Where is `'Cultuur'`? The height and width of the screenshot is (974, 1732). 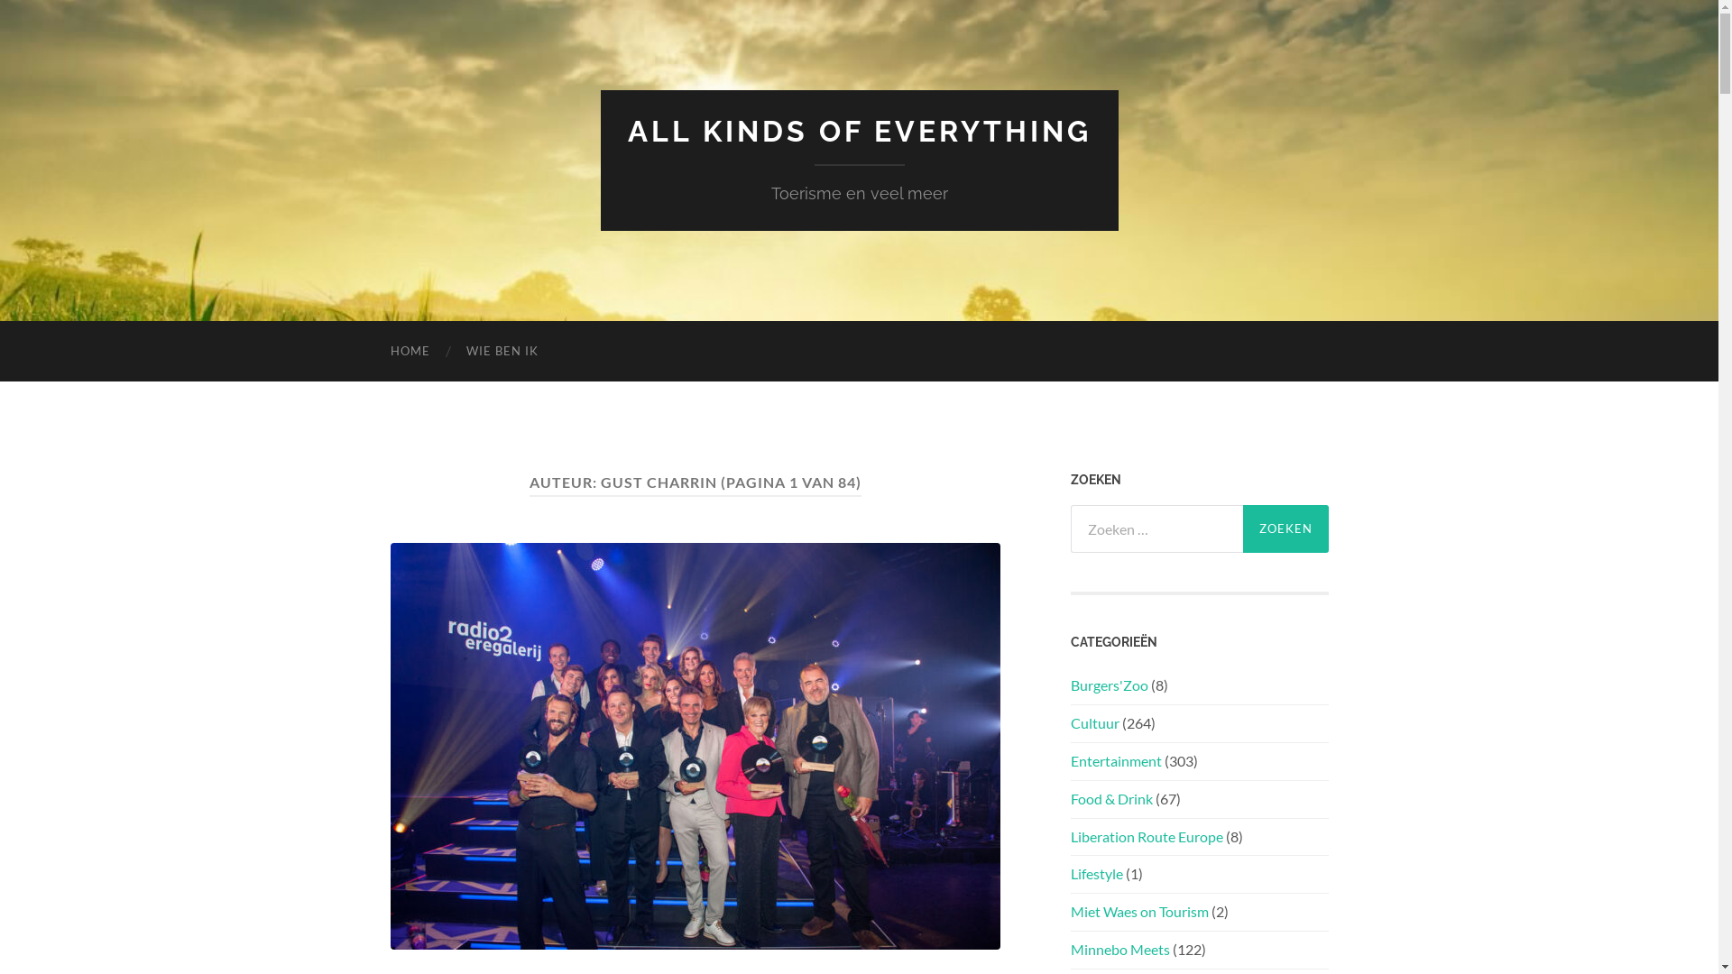 'Cultuur' is located at coordinates (1069, 721).